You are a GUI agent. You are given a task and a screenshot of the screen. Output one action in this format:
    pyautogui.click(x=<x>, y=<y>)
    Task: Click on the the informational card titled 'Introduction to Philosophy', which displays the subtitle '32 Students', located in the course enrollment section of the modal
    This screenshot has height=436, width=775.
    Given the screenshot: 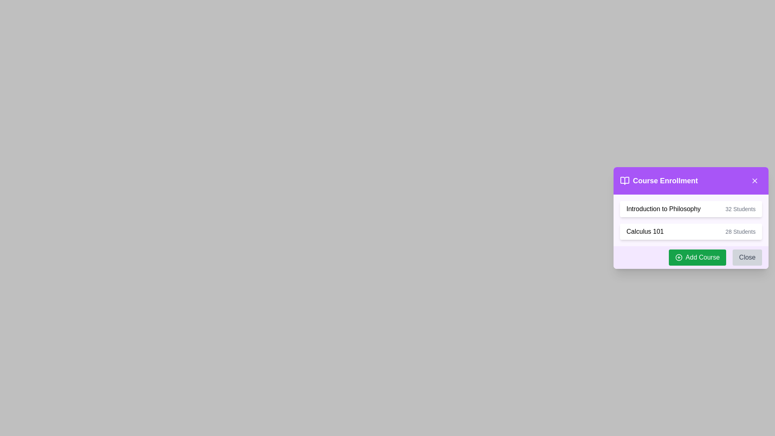 What is the action you would take?
    pyautogui.click(x=691, y=218)
    